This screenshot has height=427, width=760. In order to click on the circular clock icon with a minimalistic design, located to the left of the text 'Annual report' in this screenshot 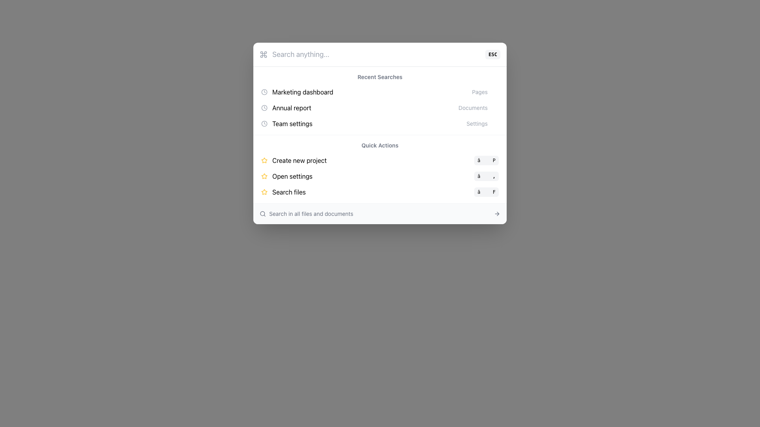, I will do `click(264, 108)`.